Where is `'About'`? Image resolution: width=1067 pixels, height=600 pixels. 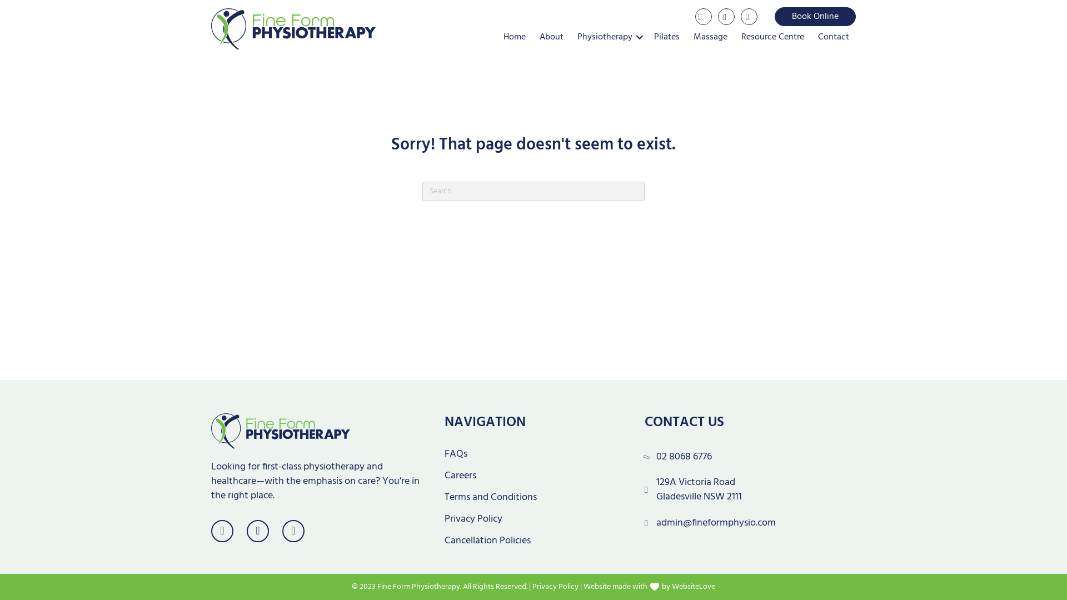 'About' is located at coordinates (551, 36).